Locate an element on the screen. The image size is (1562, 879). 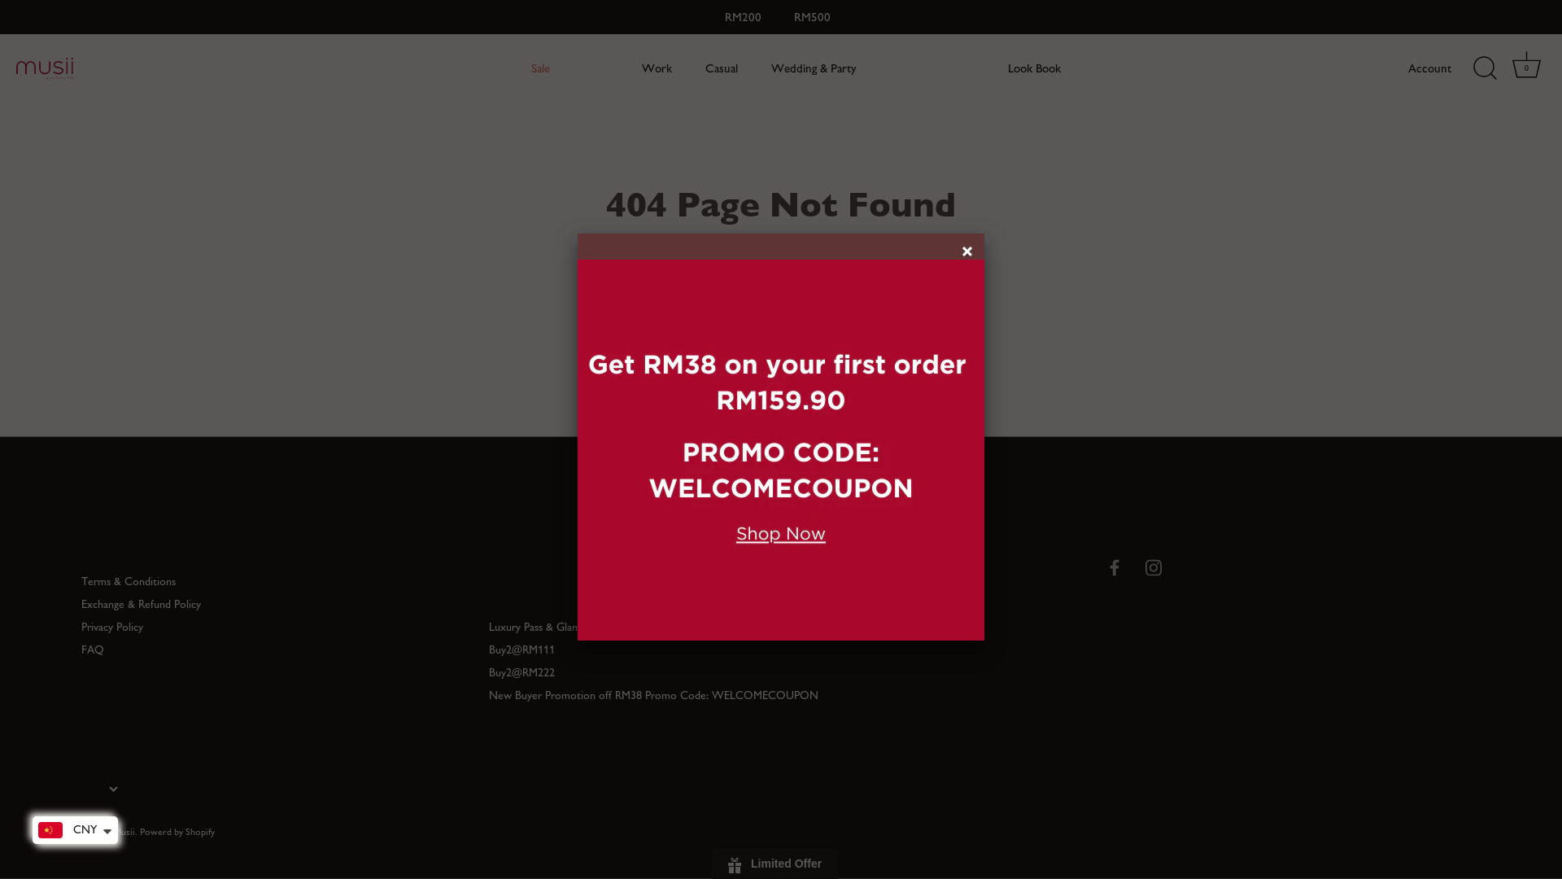
'Instagram' is located at coordinates (1152, 566).